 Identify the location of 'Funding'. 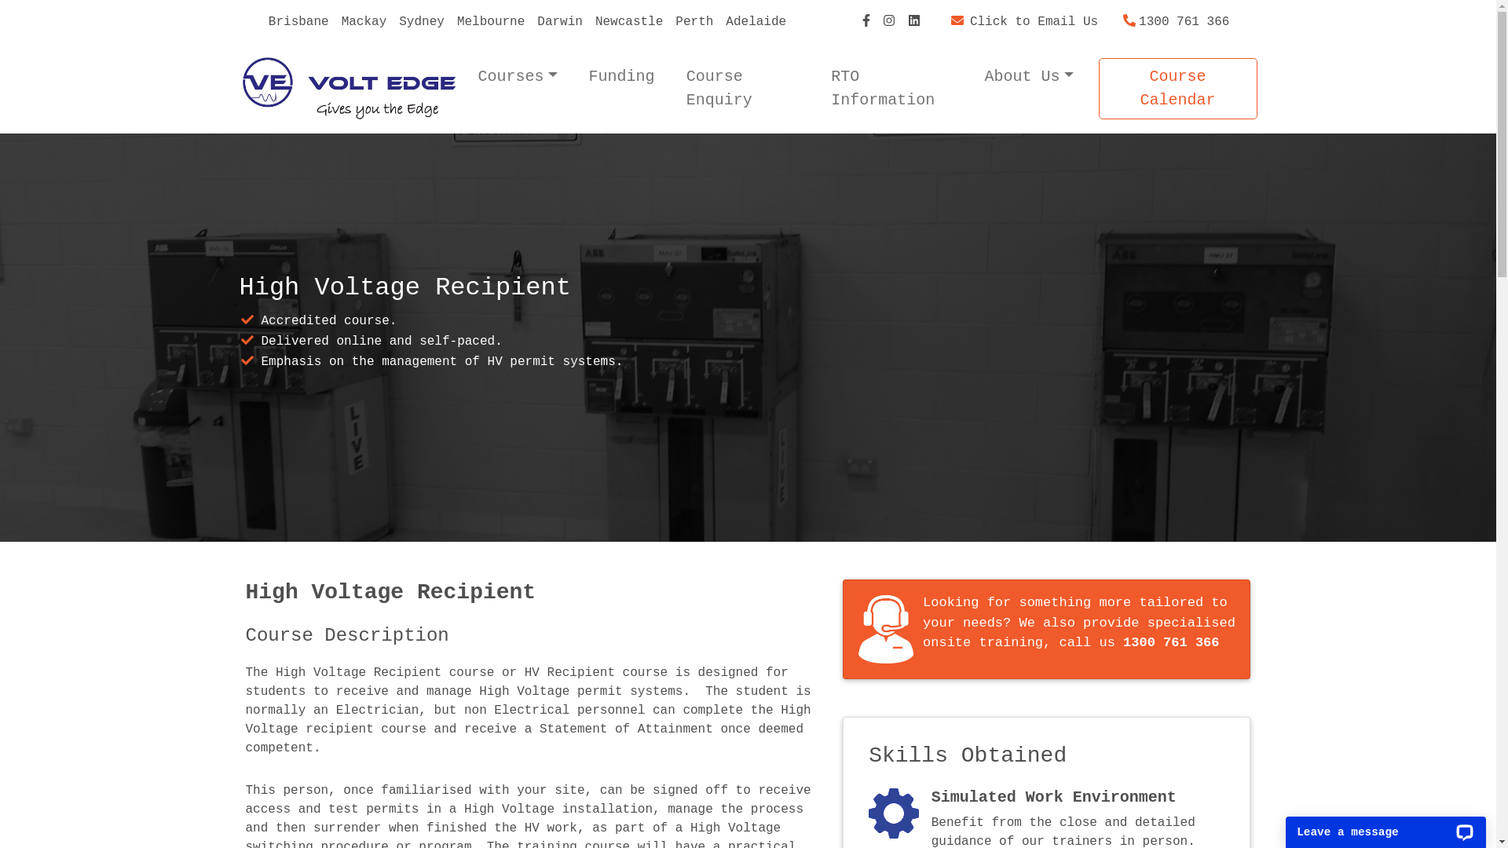
(621, 76).